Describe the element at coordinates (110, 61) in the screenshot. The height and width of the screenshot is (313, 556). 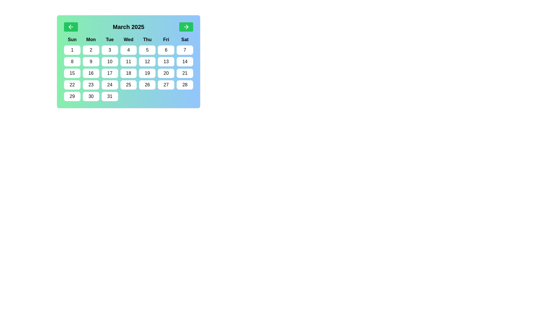
I see `the button representing the date '10'` at that location.